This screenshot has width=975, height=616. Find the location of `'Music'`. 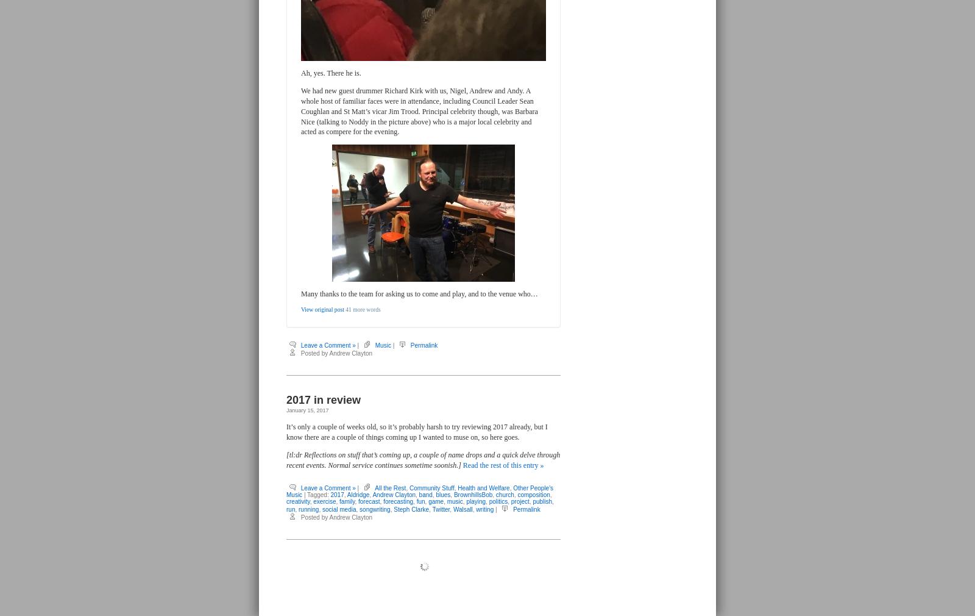

'Music' is located at coordinates (383, 344).